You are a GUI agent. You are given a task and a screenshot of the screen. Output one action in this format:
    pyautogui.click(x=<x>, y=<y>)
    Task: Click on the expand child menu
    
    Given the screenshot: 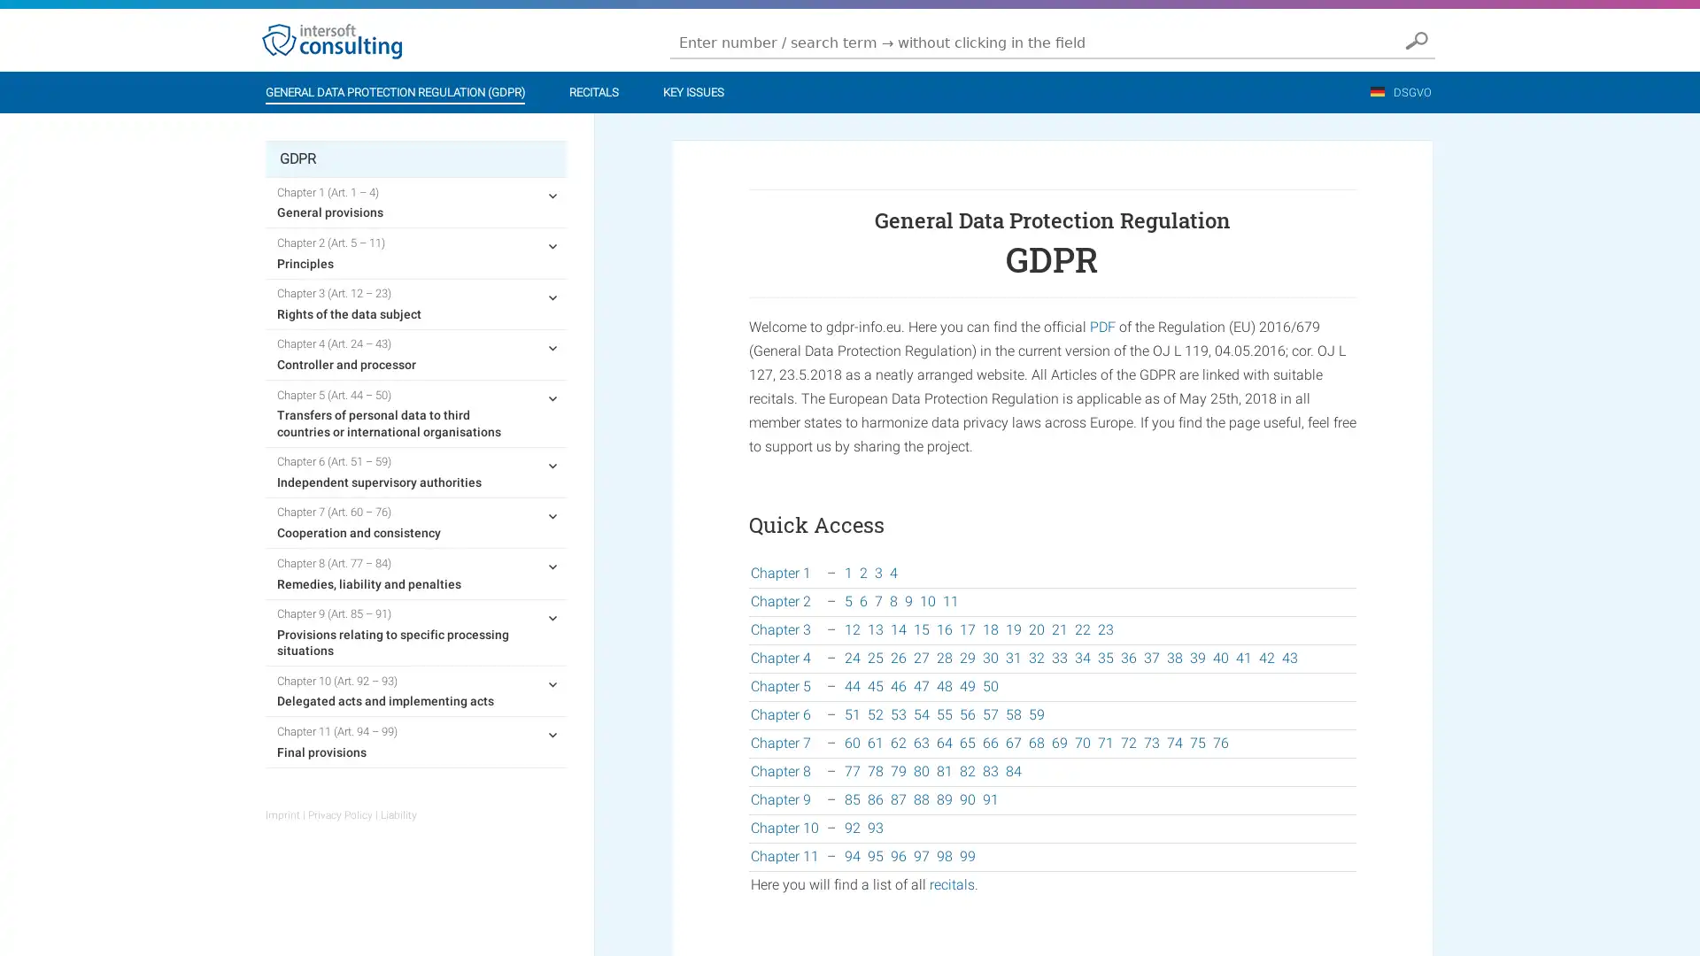 What is the action you would take?
    pyautogui.click(x=552, y=245)
    